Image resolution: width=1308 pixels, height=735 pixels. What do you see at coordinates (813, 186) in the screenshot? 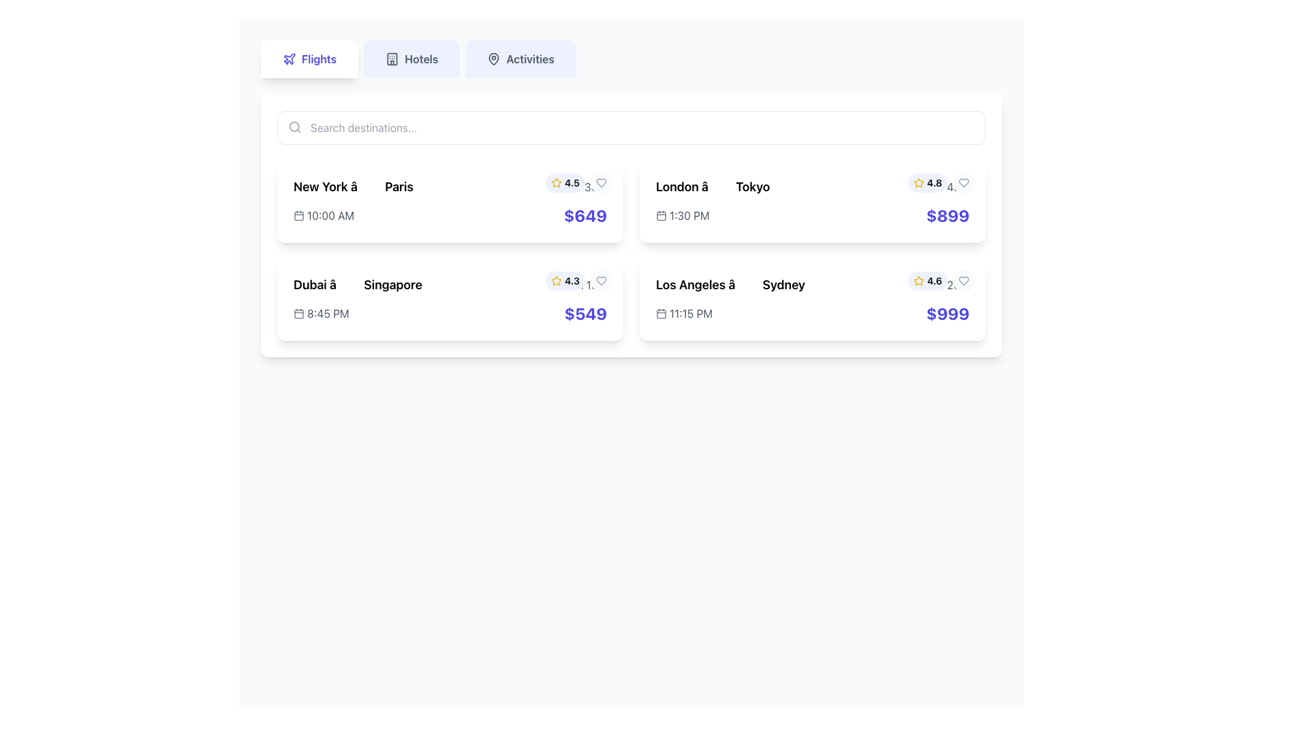
I see `informational display element showing the route 'London → Tokyo' and the travel duration '11h 45m', which is located at the top of the rightmost card in the travel listing section` at bounding box center [813, 186].